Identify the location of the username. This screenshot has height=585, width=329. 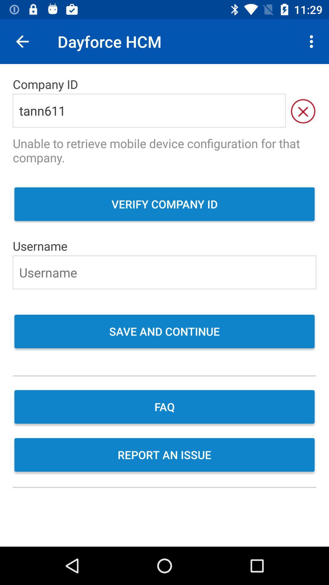
(164, 272).